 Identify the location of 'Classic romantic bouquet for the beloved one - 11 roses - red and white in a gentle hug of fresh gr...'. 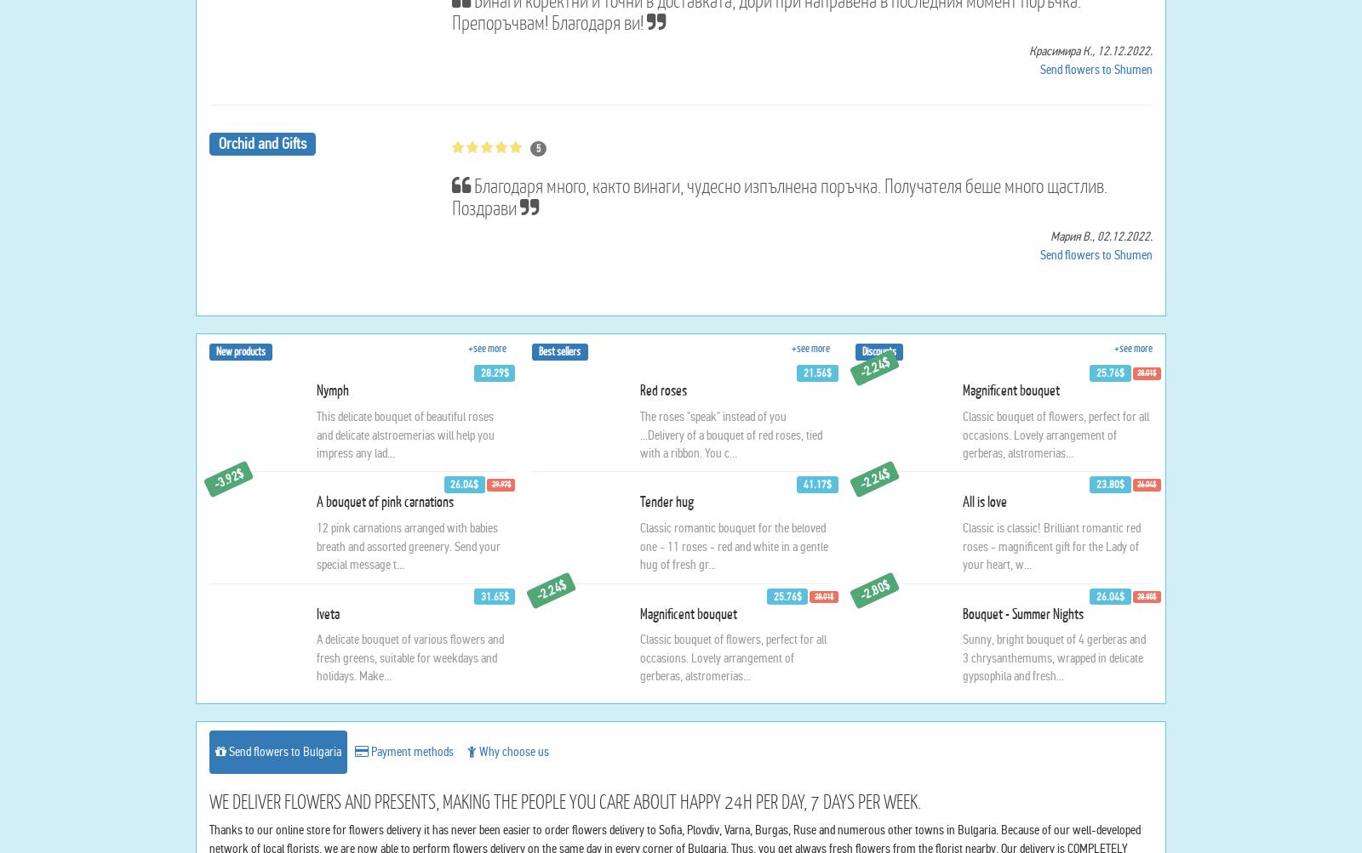
(732, 709).